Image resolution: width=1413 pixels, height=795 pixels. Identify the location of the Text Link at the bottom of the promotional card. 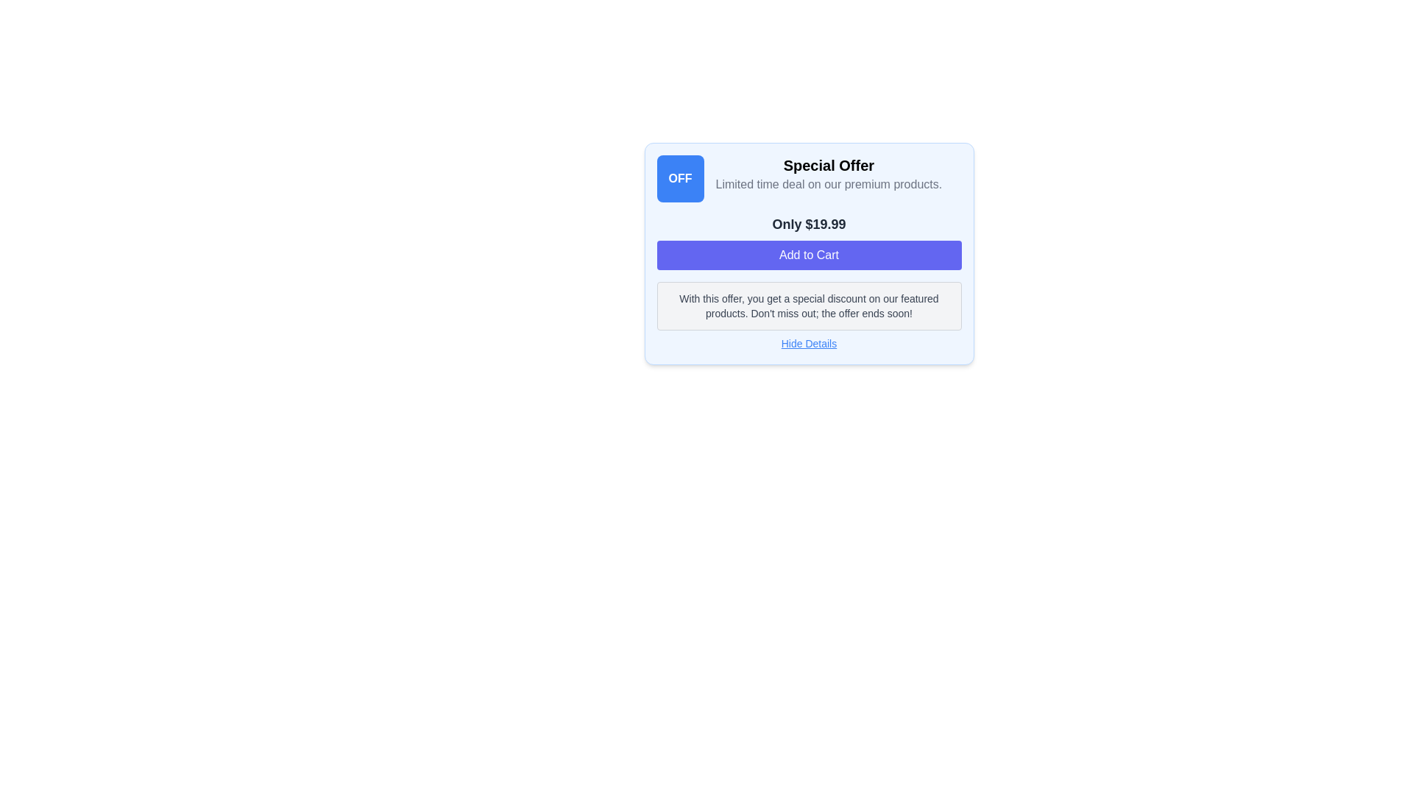
(808, 343).